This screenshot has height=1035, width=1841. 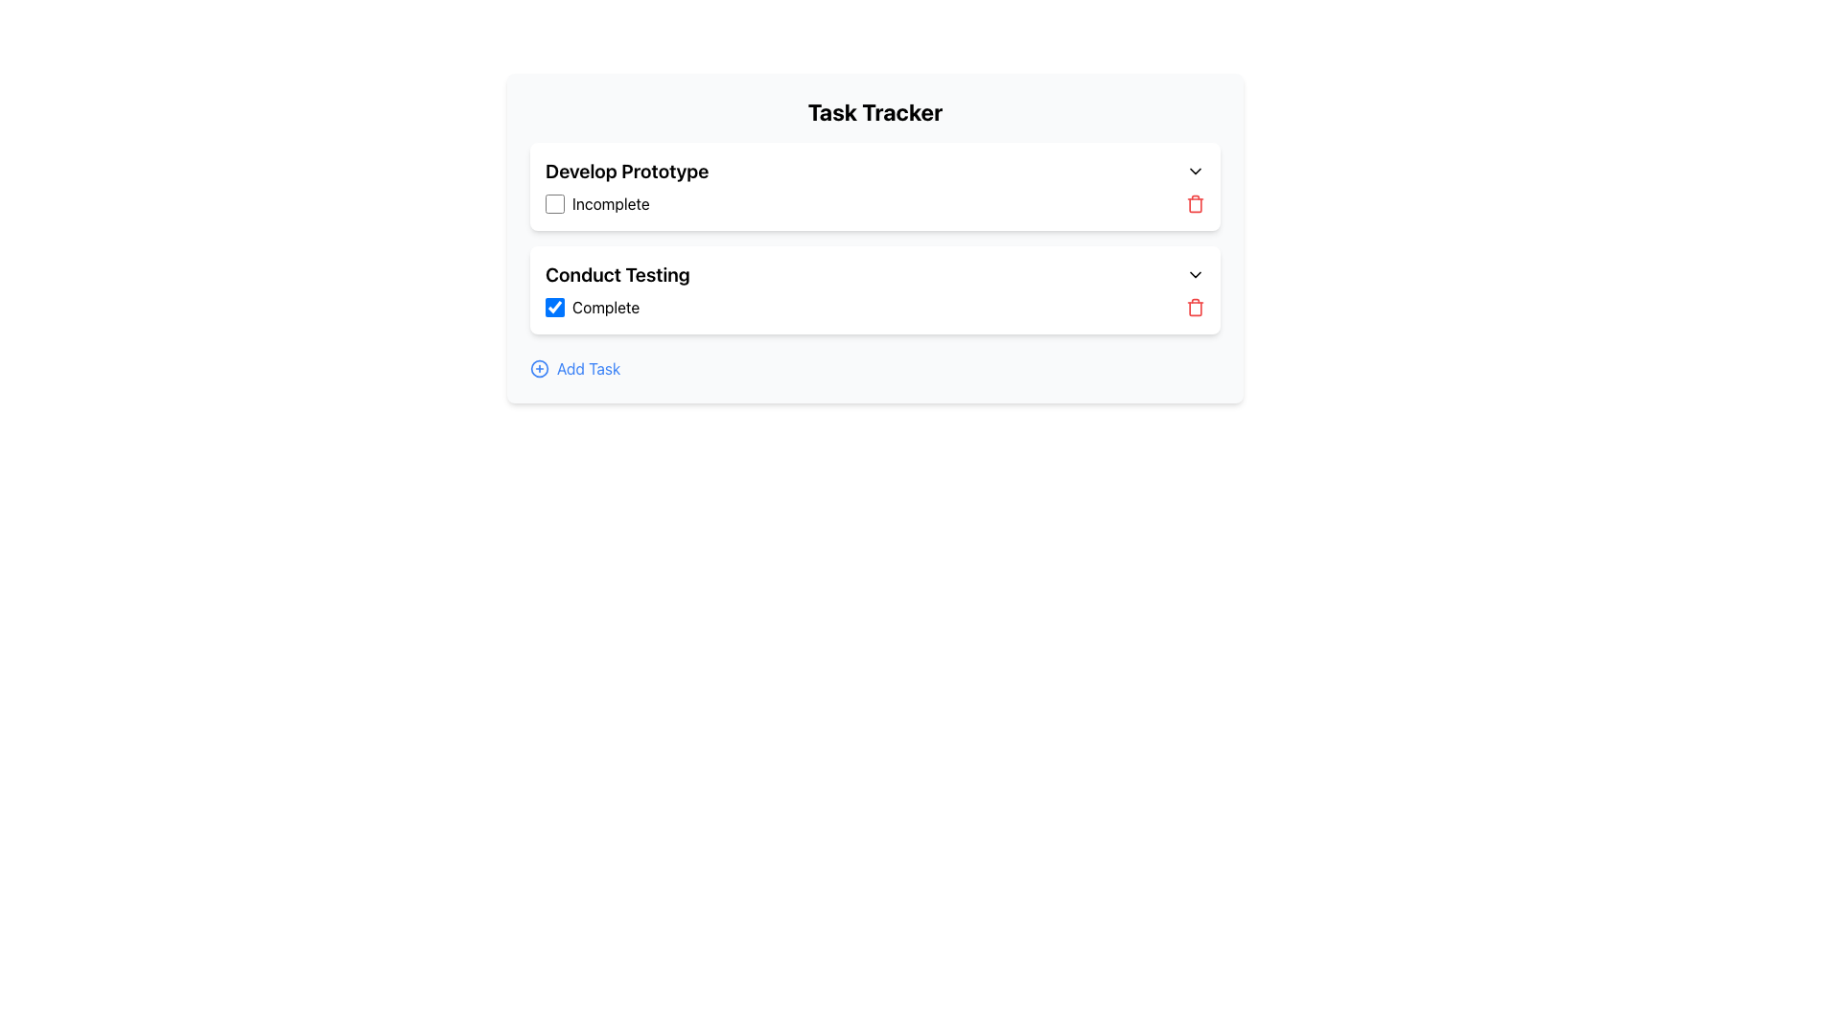 I want to click on the 'Add Task' button that has a blue font color and an underline effect upon hover, located below the task sections, so click(x=574, y=369).